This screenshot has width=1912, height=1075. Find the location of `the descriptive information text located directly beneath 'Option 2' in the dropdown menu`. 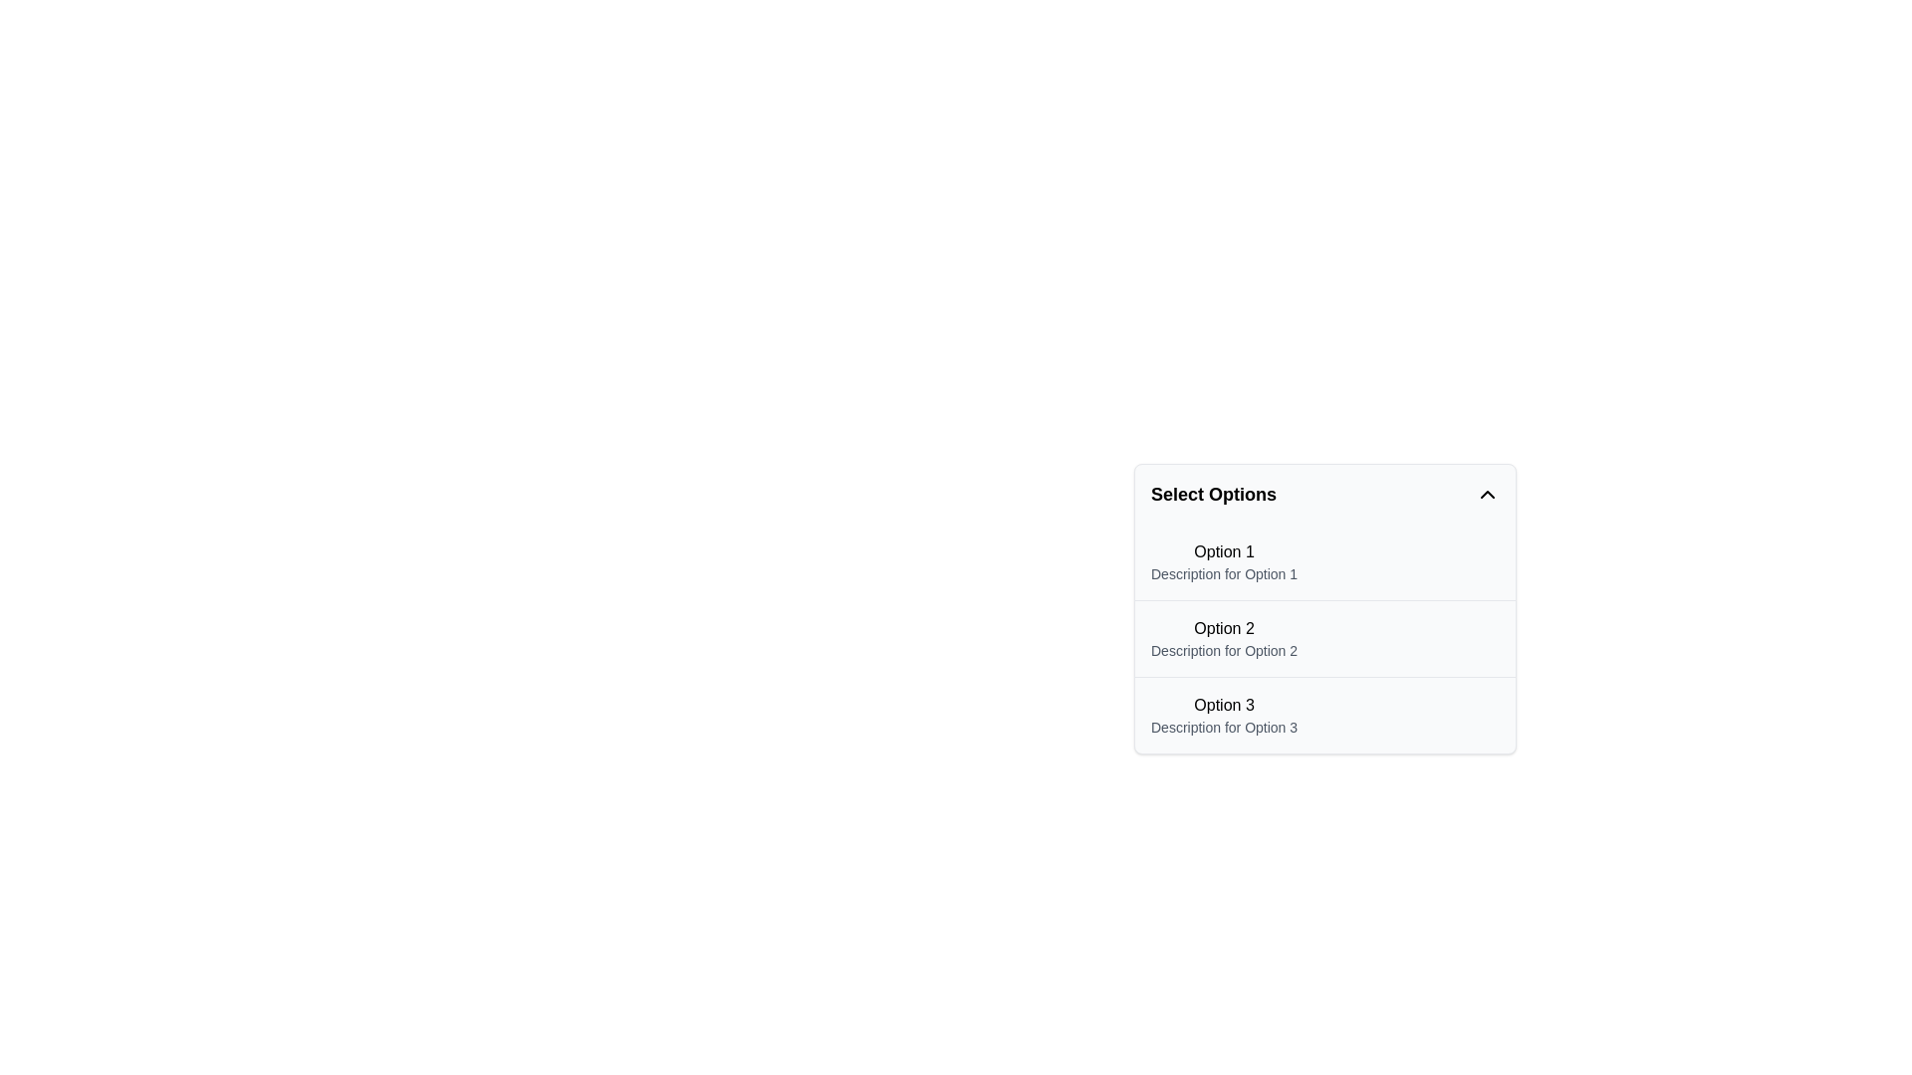

the descriptive information text located directly beneath 'Option 2' in the dropdown menu is located at coordinates (1223, 651).